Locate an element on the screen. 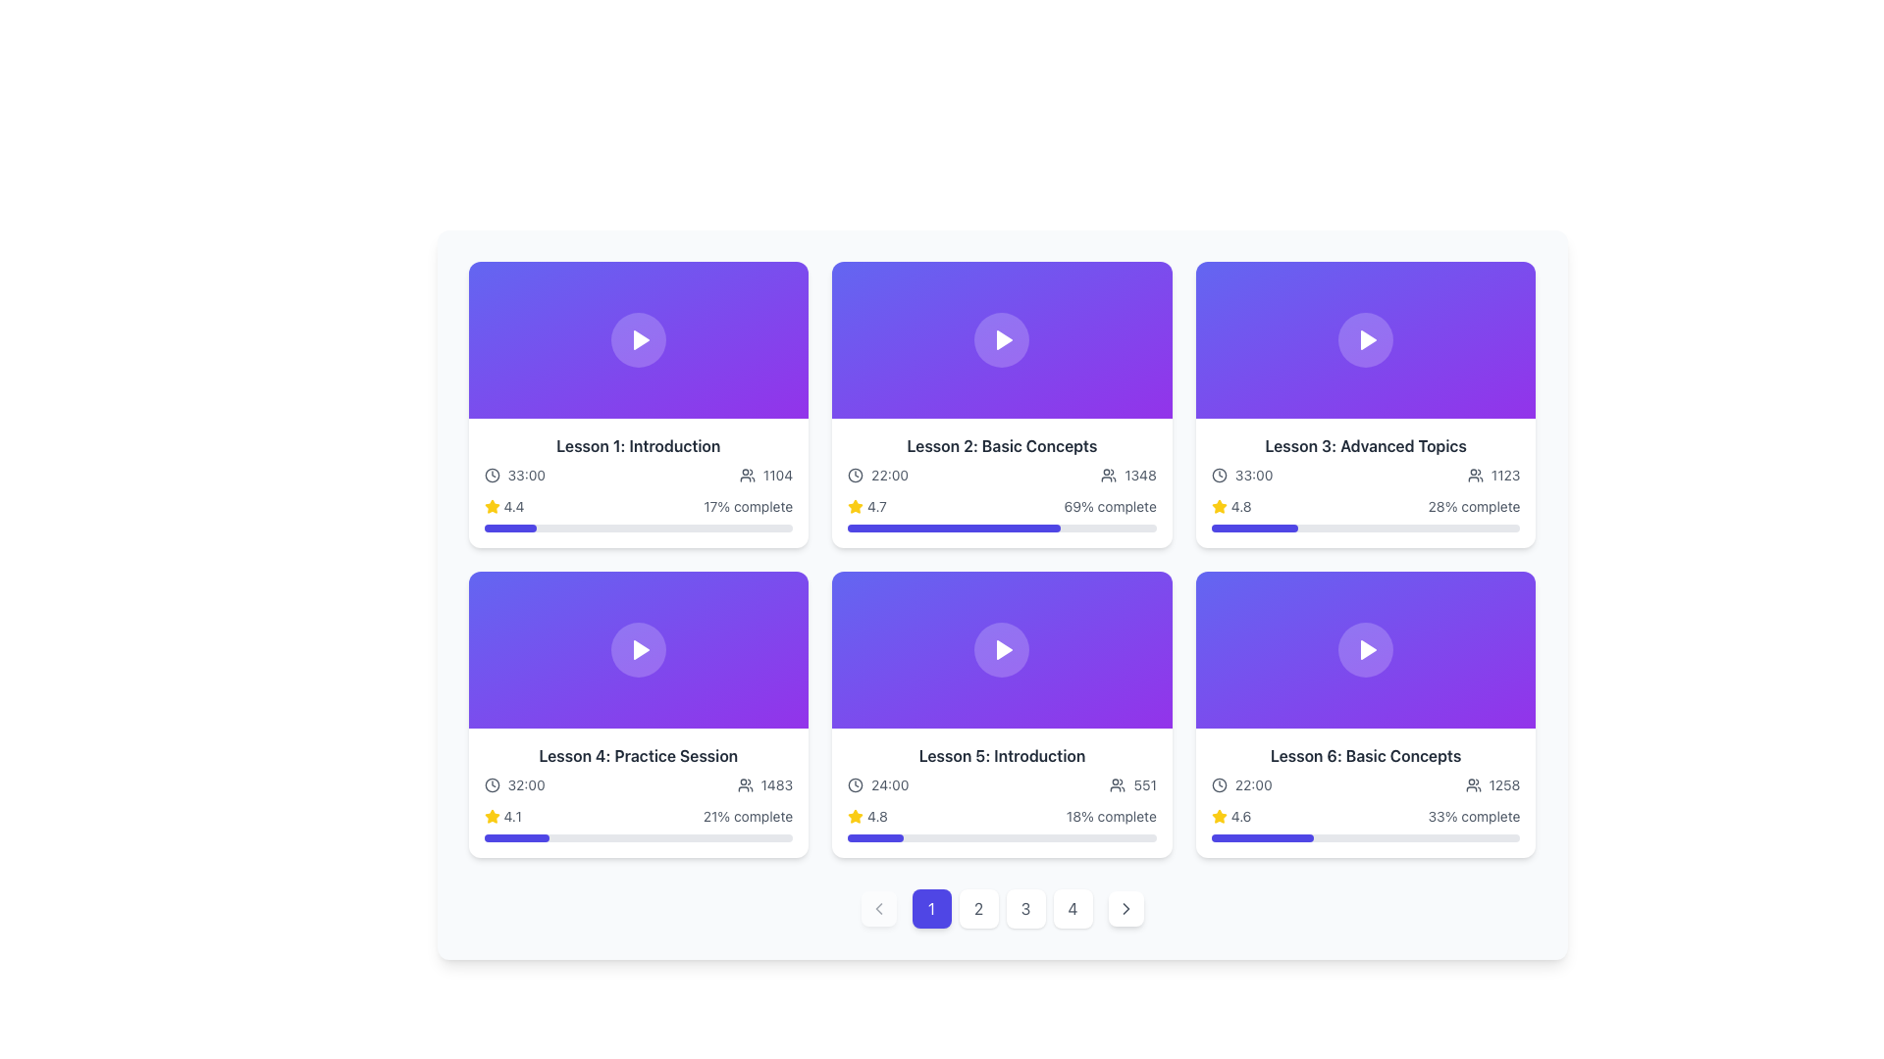 The image size is (1884, 1059). the progress visually by focusing on the progress bar located in the 'Lesson 6: Basic Concepts' card, which indicates 33% completion of the lesson is located at coordinates (1365, 838).